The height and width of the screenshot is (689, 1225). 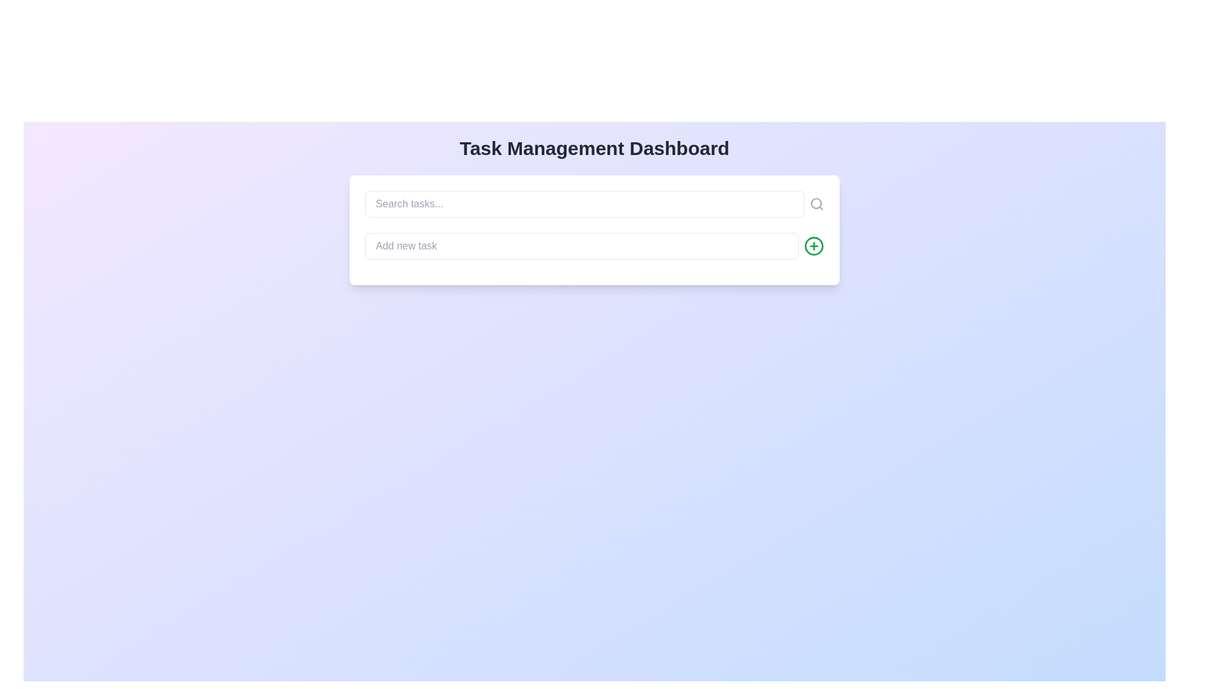 What do you see at coordinates (817, 204) in the screenshot?
I see `the gray magnifying glass icon, which is located to the right of the 'Search tasks...' input field, to possibly reveal additional tooltips or effects` at bounding box center [817, 204].